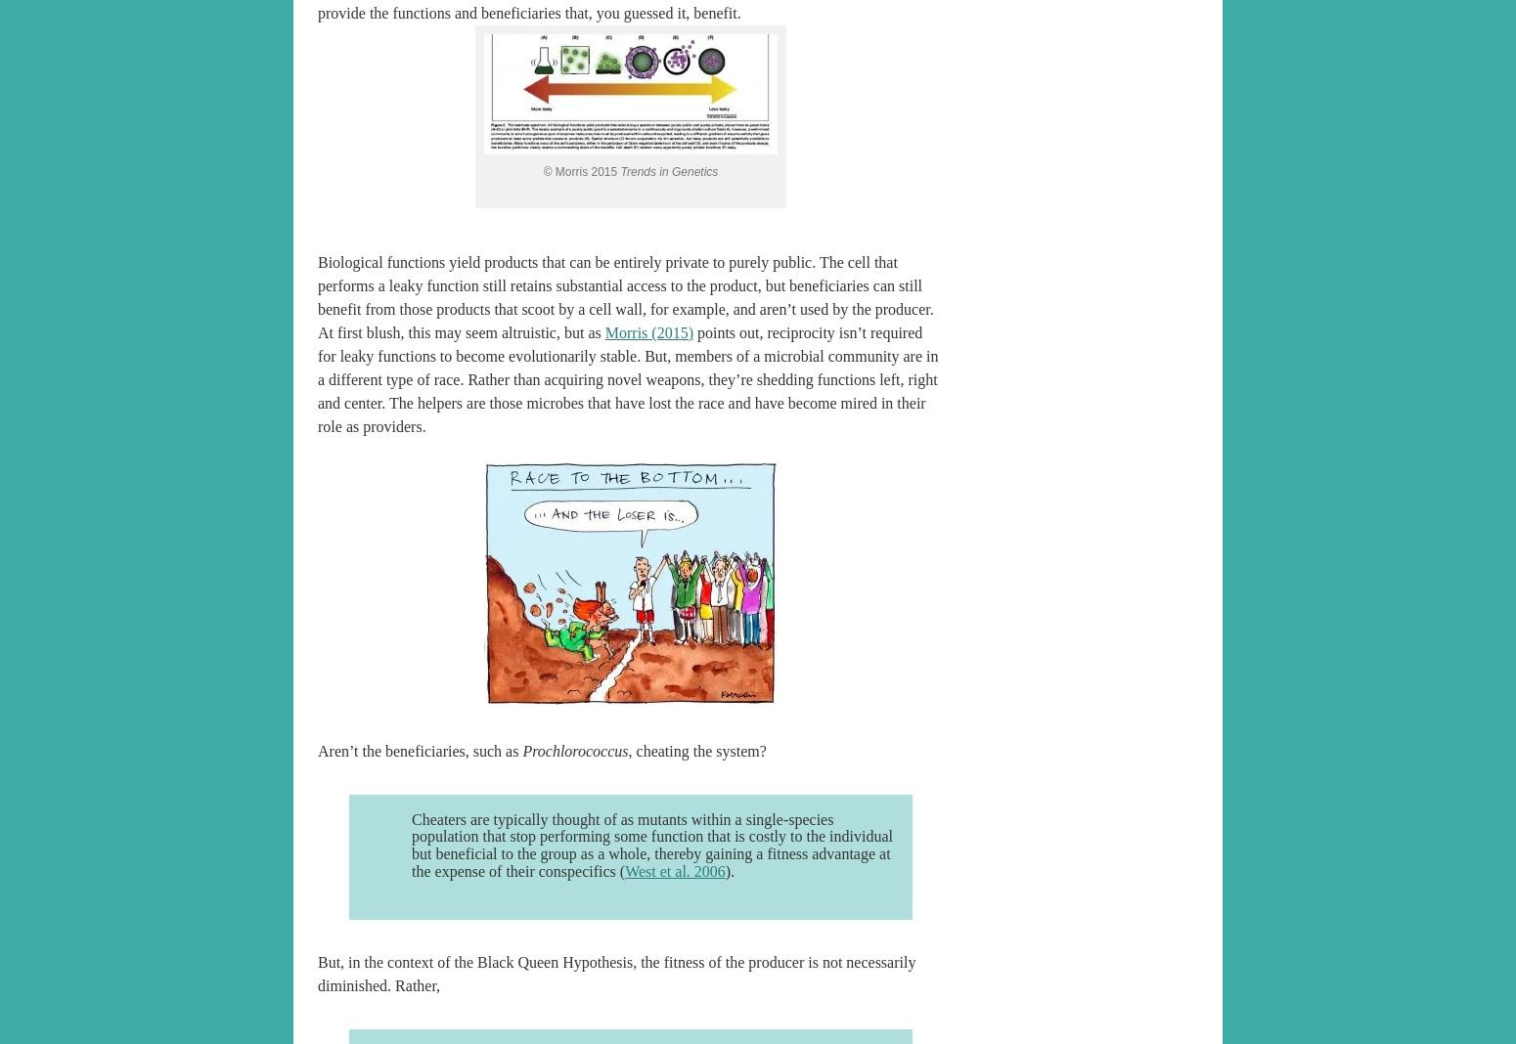  What do you see at coordinates (460, 330) in the screenshot?
I see `'At first blush, this may seem altruistic, but as'` at bounding box center [460, 330].